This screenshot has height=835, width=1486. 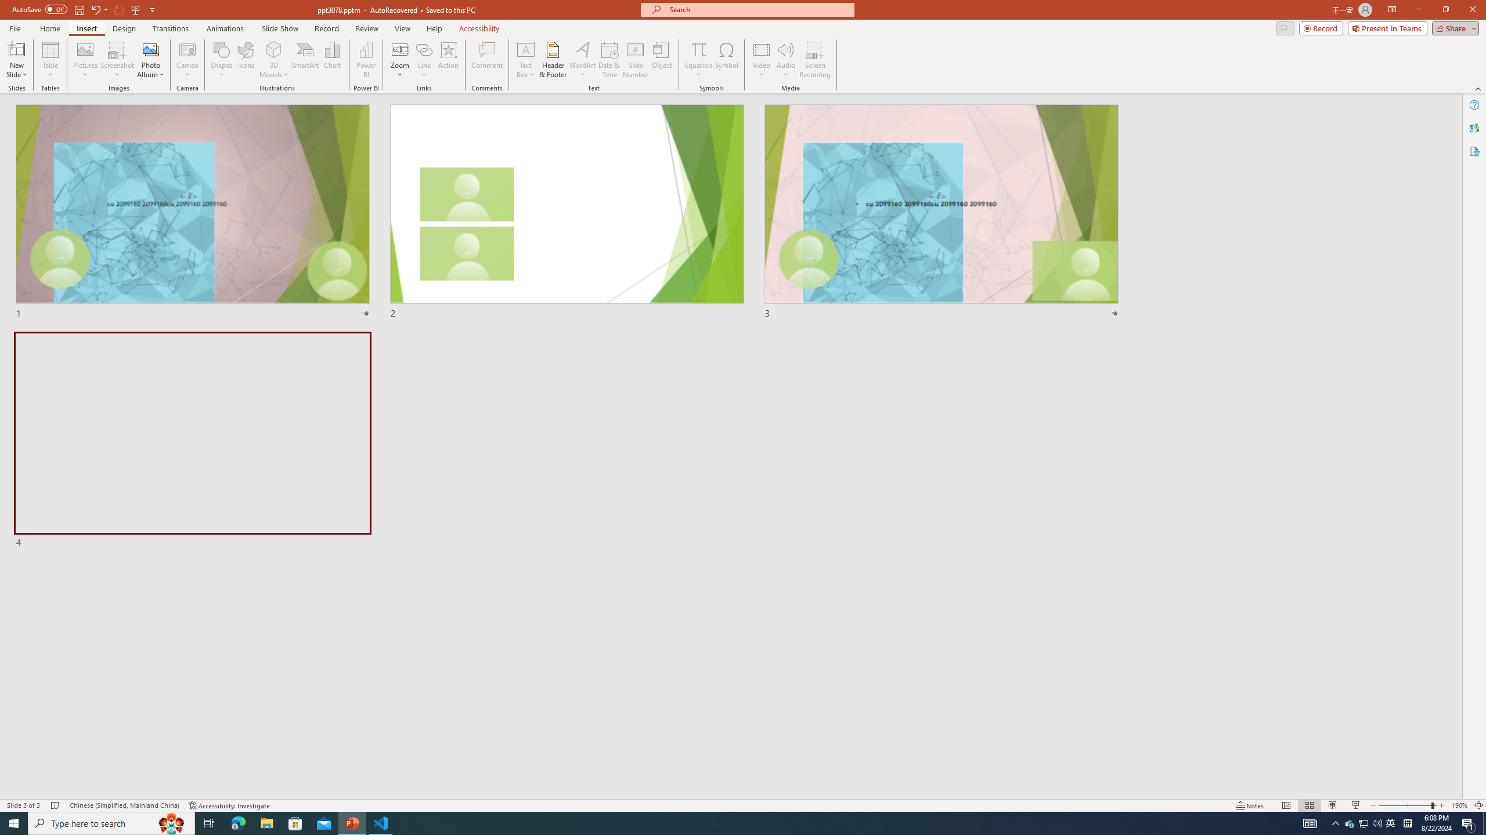 I want to click on 'Review', so click(x=366, y=28).